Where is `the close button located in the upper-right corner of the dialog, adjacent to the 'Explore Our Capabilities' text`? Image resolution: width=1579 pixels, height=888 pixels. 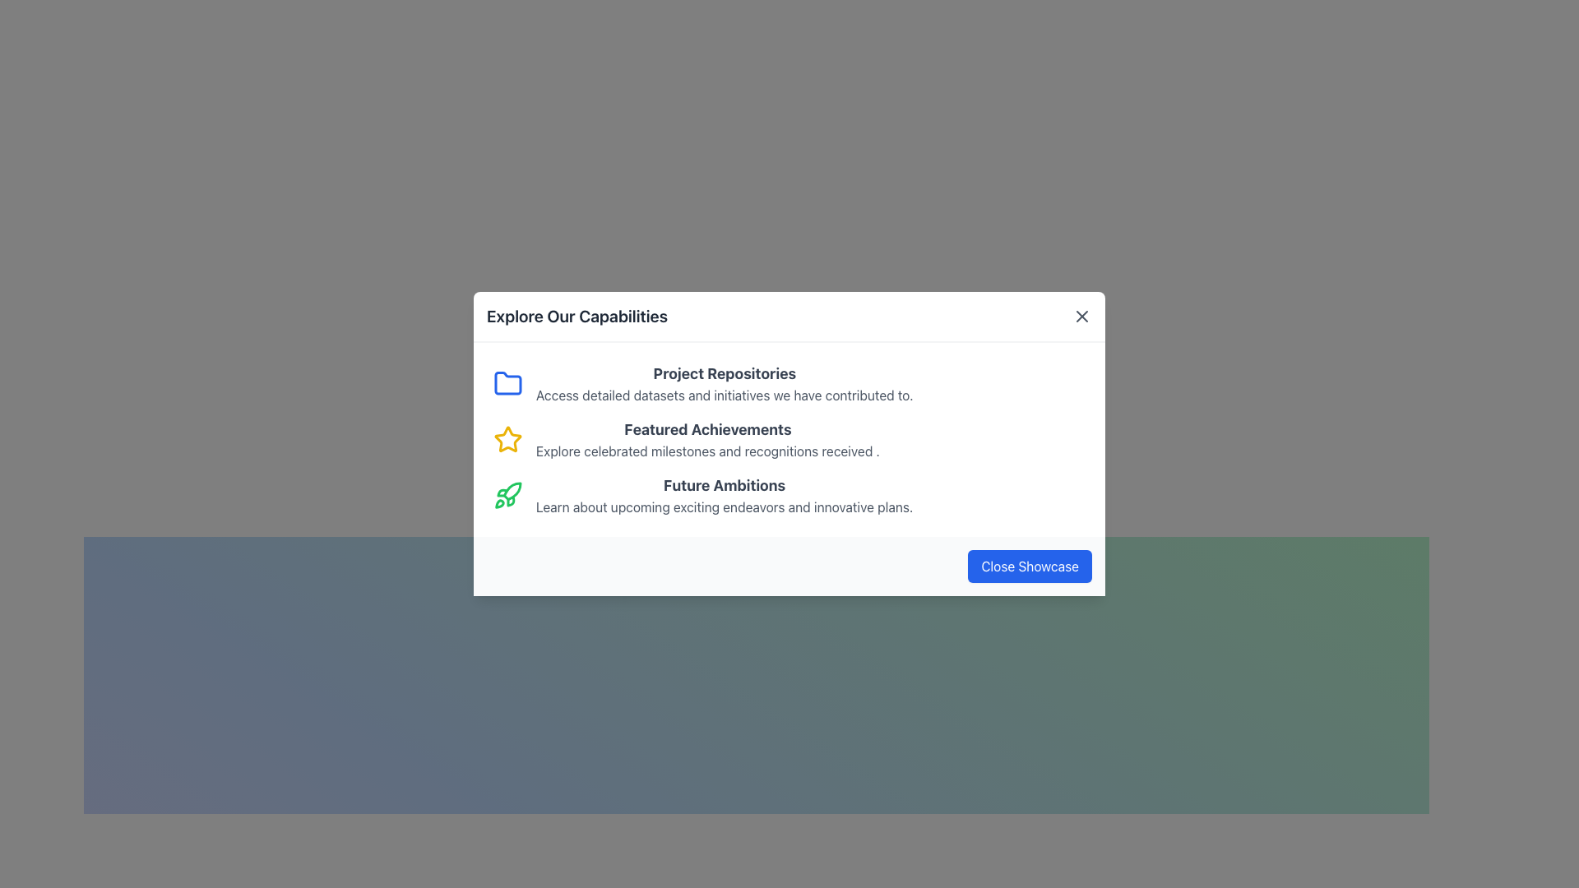 the close button located in the upper-right corner of the dialog, adjacent to the 'Explore Our Capabilities' text is located at coordinates (1081, 317).